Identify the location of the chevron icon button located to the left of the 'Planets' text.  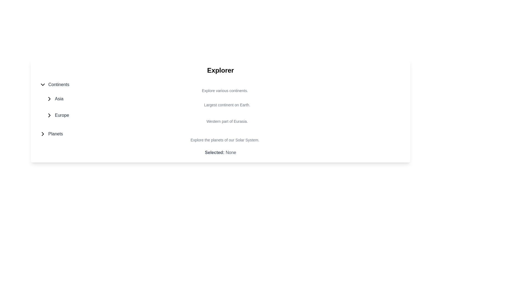
(43, 134).